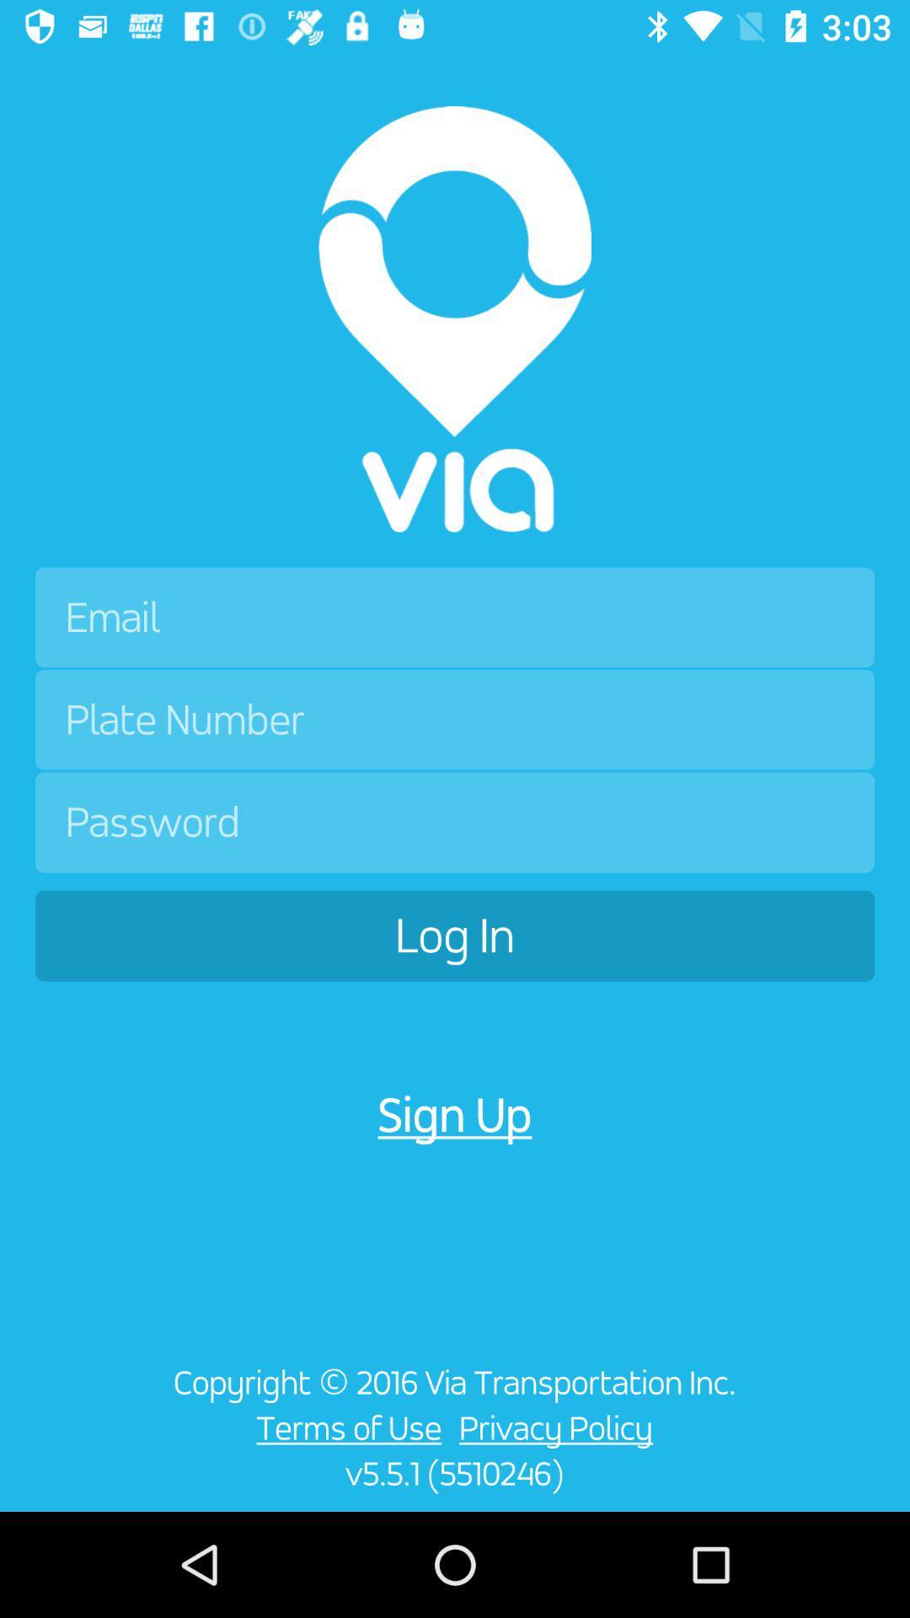 This screenshot has height=1618, width=910. I want to click on the item at the bottom left corner, so click(72, 1438).